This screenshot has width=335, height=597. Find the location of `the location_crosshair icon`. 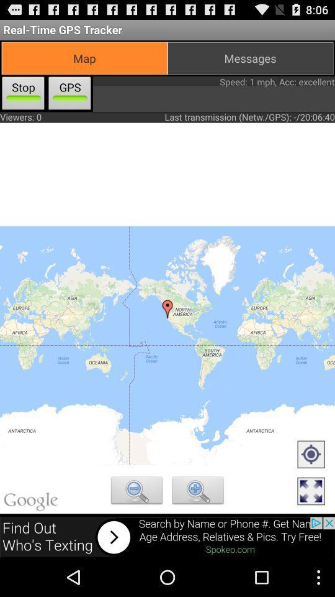

the location_crosshair icon is located at coordinates (310, 487).